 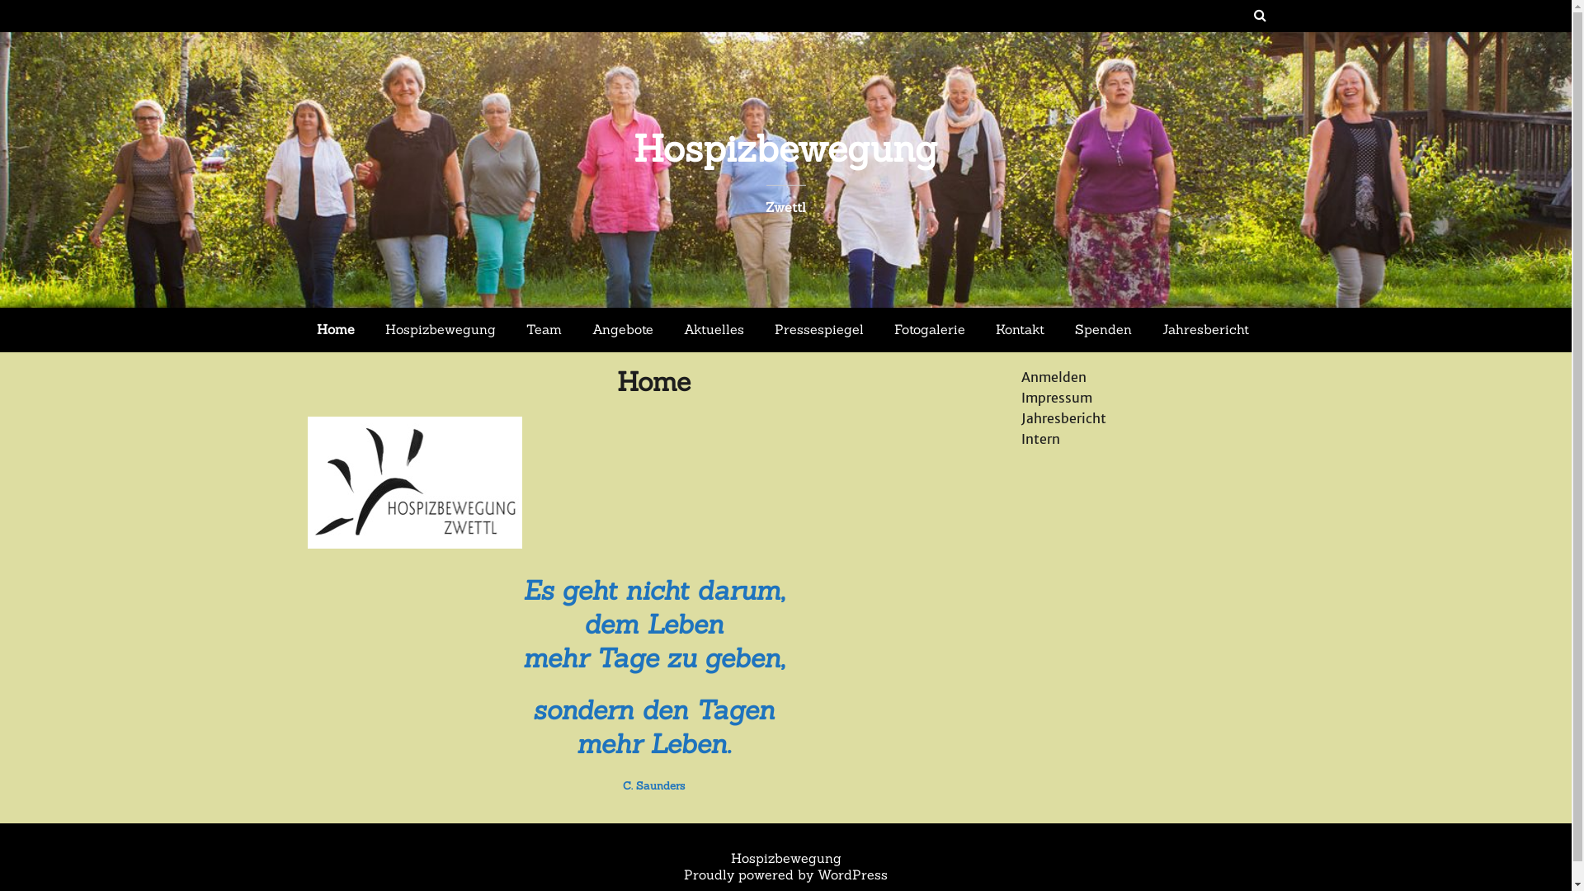 What do you see at coordinates (1103, 330) in the screenshot?
I see `'Spenden'` at bounding box center [1103, 330].